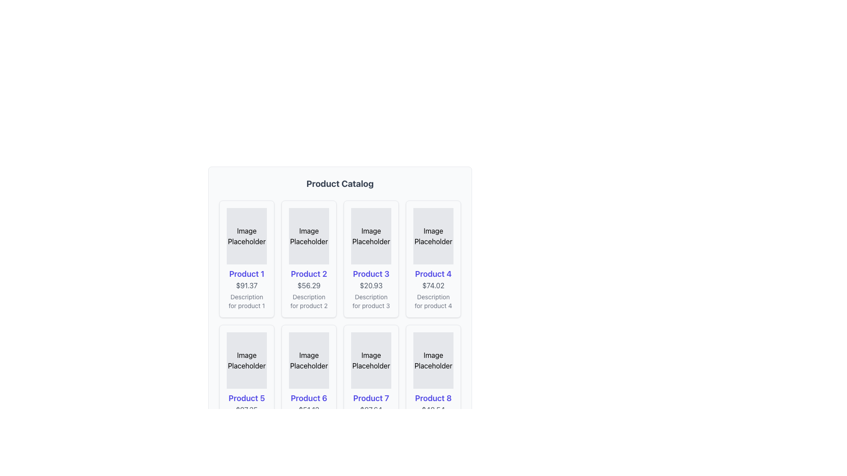  What do you see at coordinates (247, 236) in the screenshot?
I see `the first placeholder image box with a gray background and the text 'Image Placeholder' under the 'Product Catalog' heading` at bounding box center [247, 236].